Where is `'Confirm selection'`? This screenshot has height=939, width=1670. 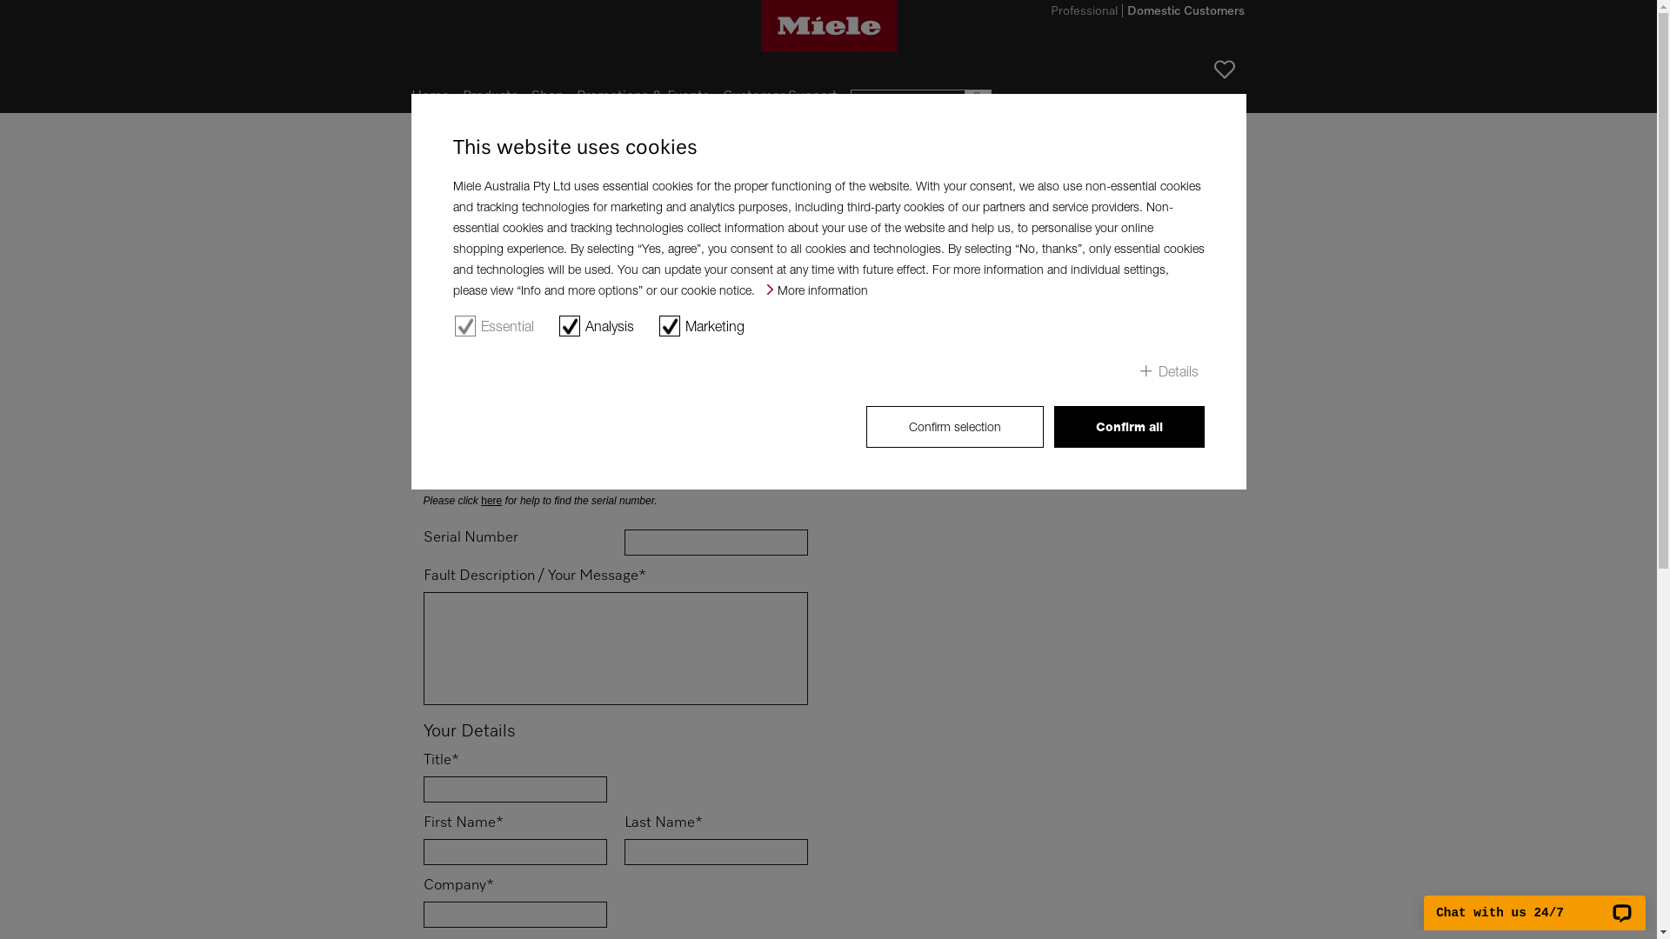
'Confirm selection' is located at coordinates (954, 426).